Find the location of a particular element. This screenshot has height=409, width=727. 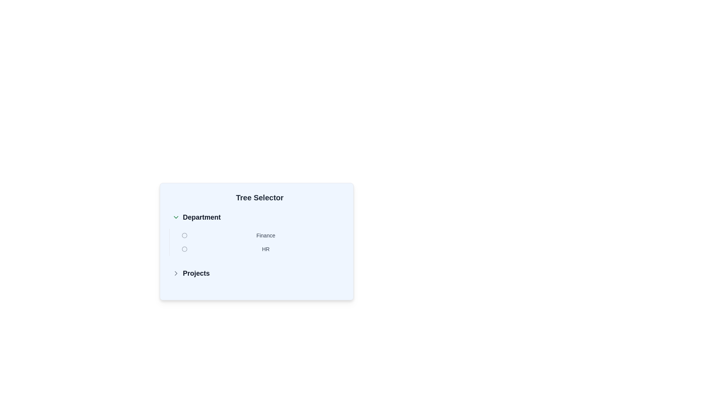

the 'Tree Selector' collapsible tree selector element is located at coordinates (256, 243).